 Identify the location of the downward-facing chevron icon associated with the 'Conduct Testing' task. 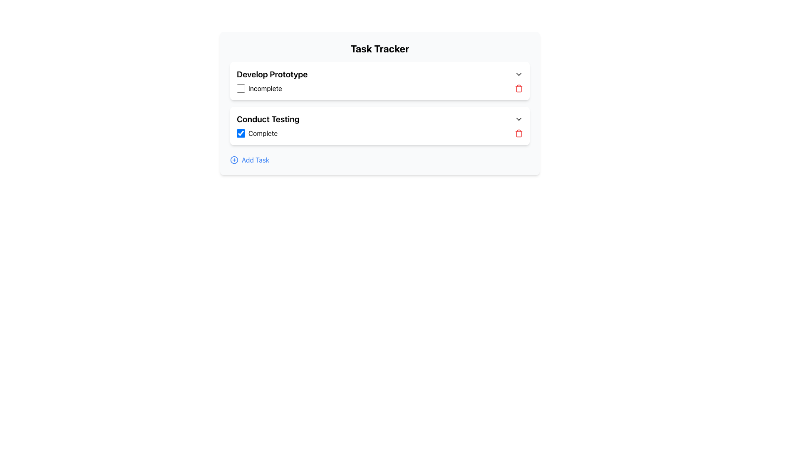
(519, 119).